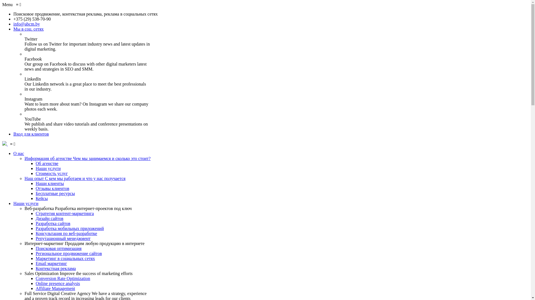 The height and width of the screenshot is (300, 535). Describe the element at coordinates (35, 278) in the screenshot. I see `'Conversion Rate Optimization'` at that location.